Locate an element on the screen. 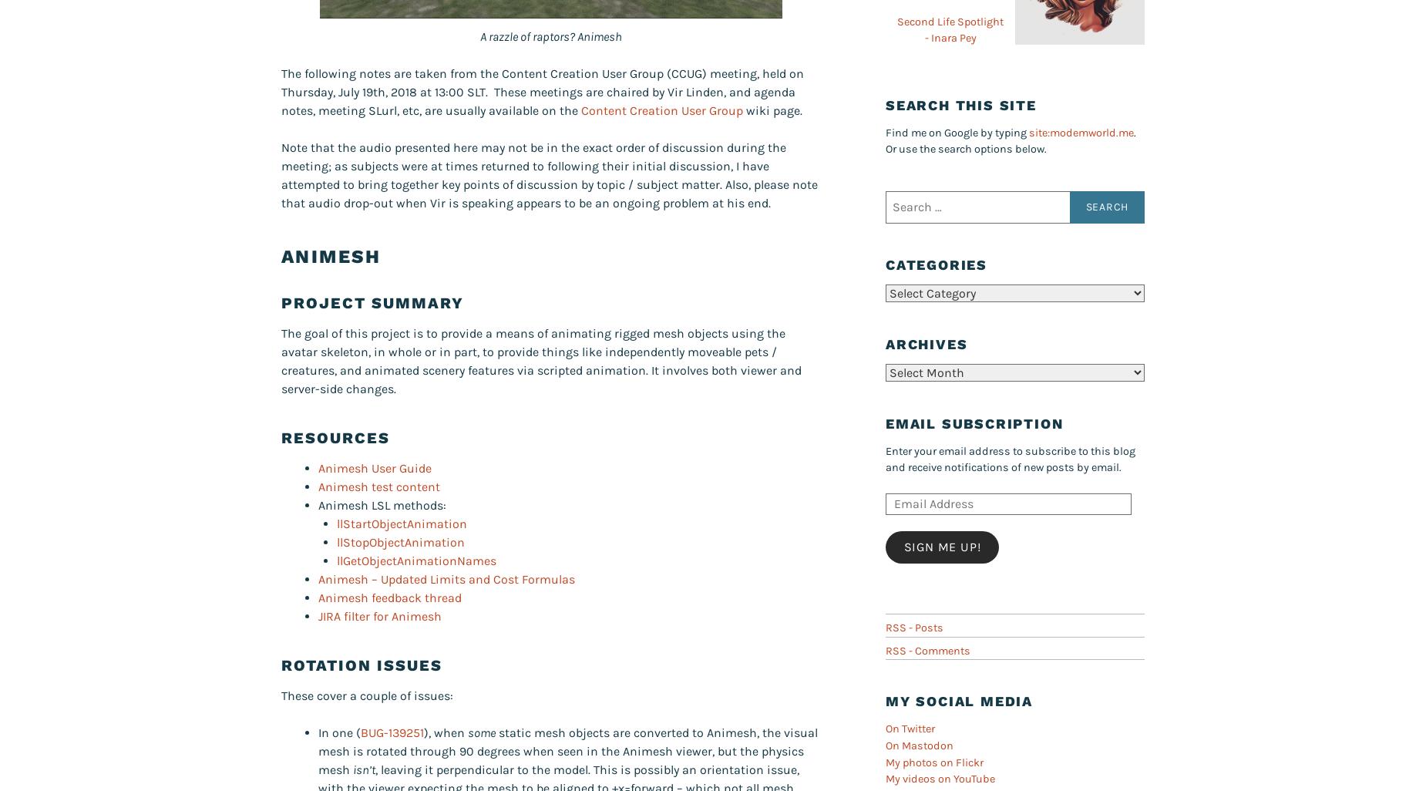 This screenshot has height=791, width=1426. 'Second Life Spotlight - Inara Pey' is located at coordinates (950, 29).